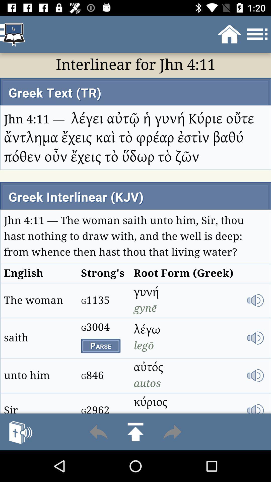  What do you see at coordinates (172, 432) in the screenshot?
I see `next page` at bounding box center [172, 432].